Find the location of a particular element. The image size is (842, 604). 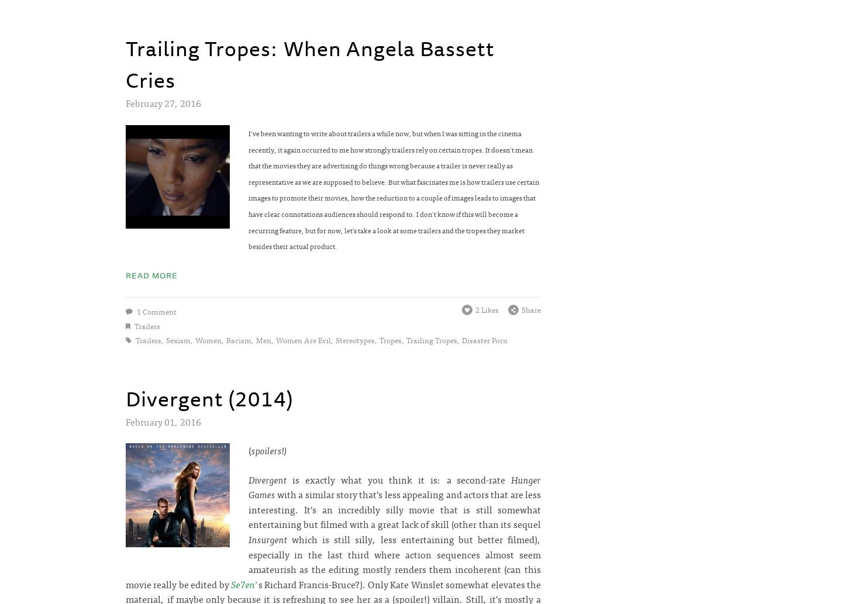

'Divergent (2014)' is located at coordinates (209, 397).